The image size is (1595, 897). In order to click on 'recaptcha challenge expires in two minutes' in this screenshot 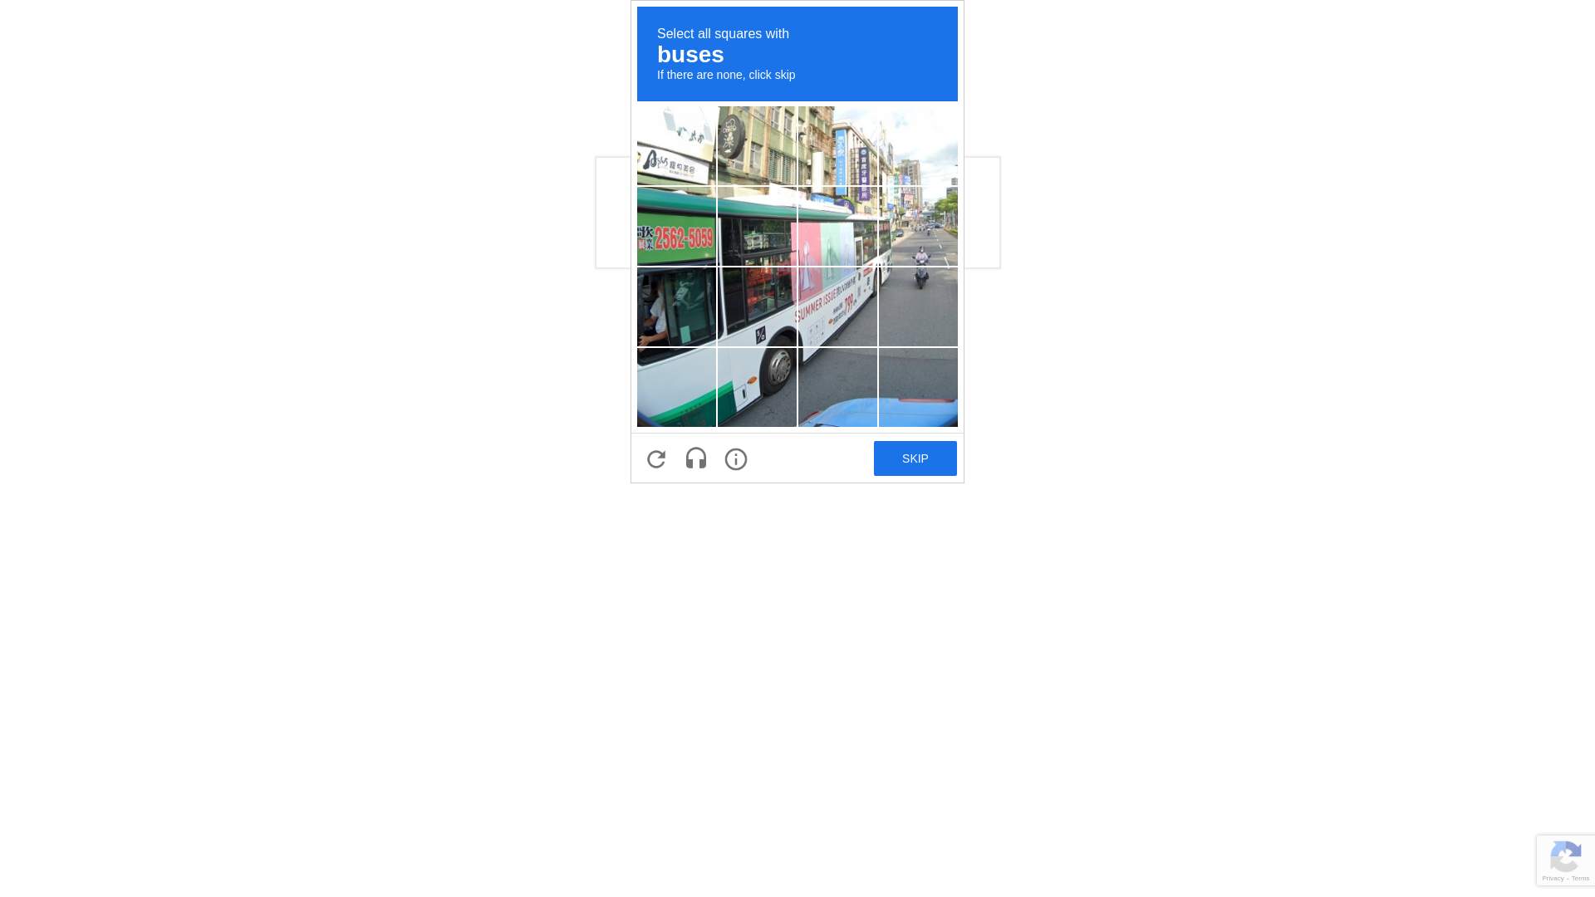, I will do `click(797, 241)`.